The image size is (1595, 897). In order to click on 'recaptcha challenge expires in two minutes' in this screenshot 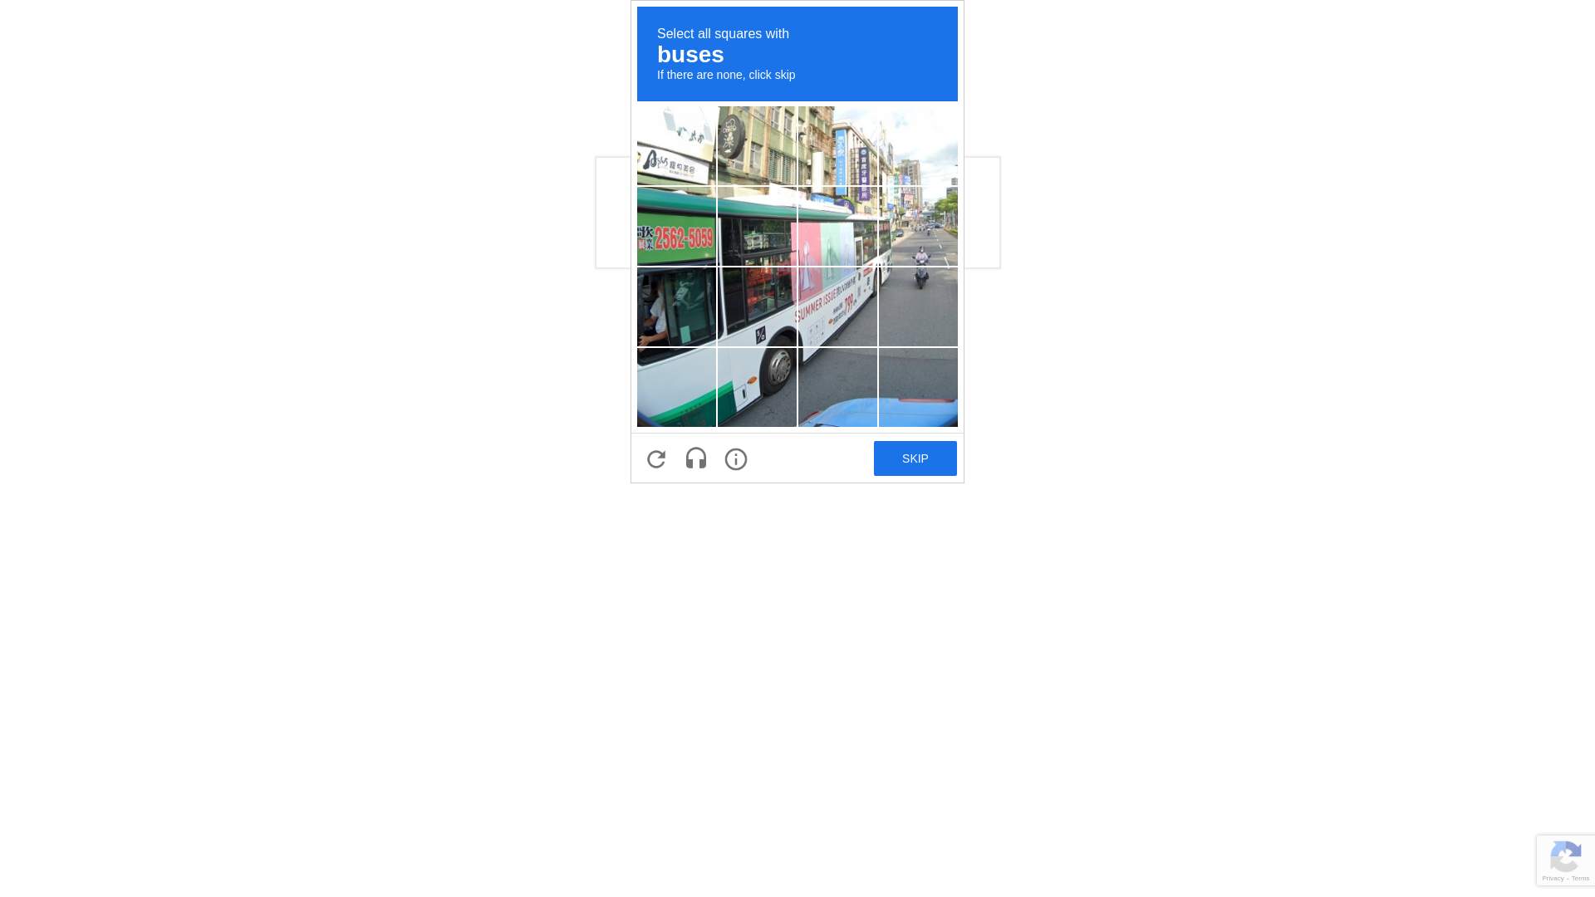, I will do `click(797, 241)`.